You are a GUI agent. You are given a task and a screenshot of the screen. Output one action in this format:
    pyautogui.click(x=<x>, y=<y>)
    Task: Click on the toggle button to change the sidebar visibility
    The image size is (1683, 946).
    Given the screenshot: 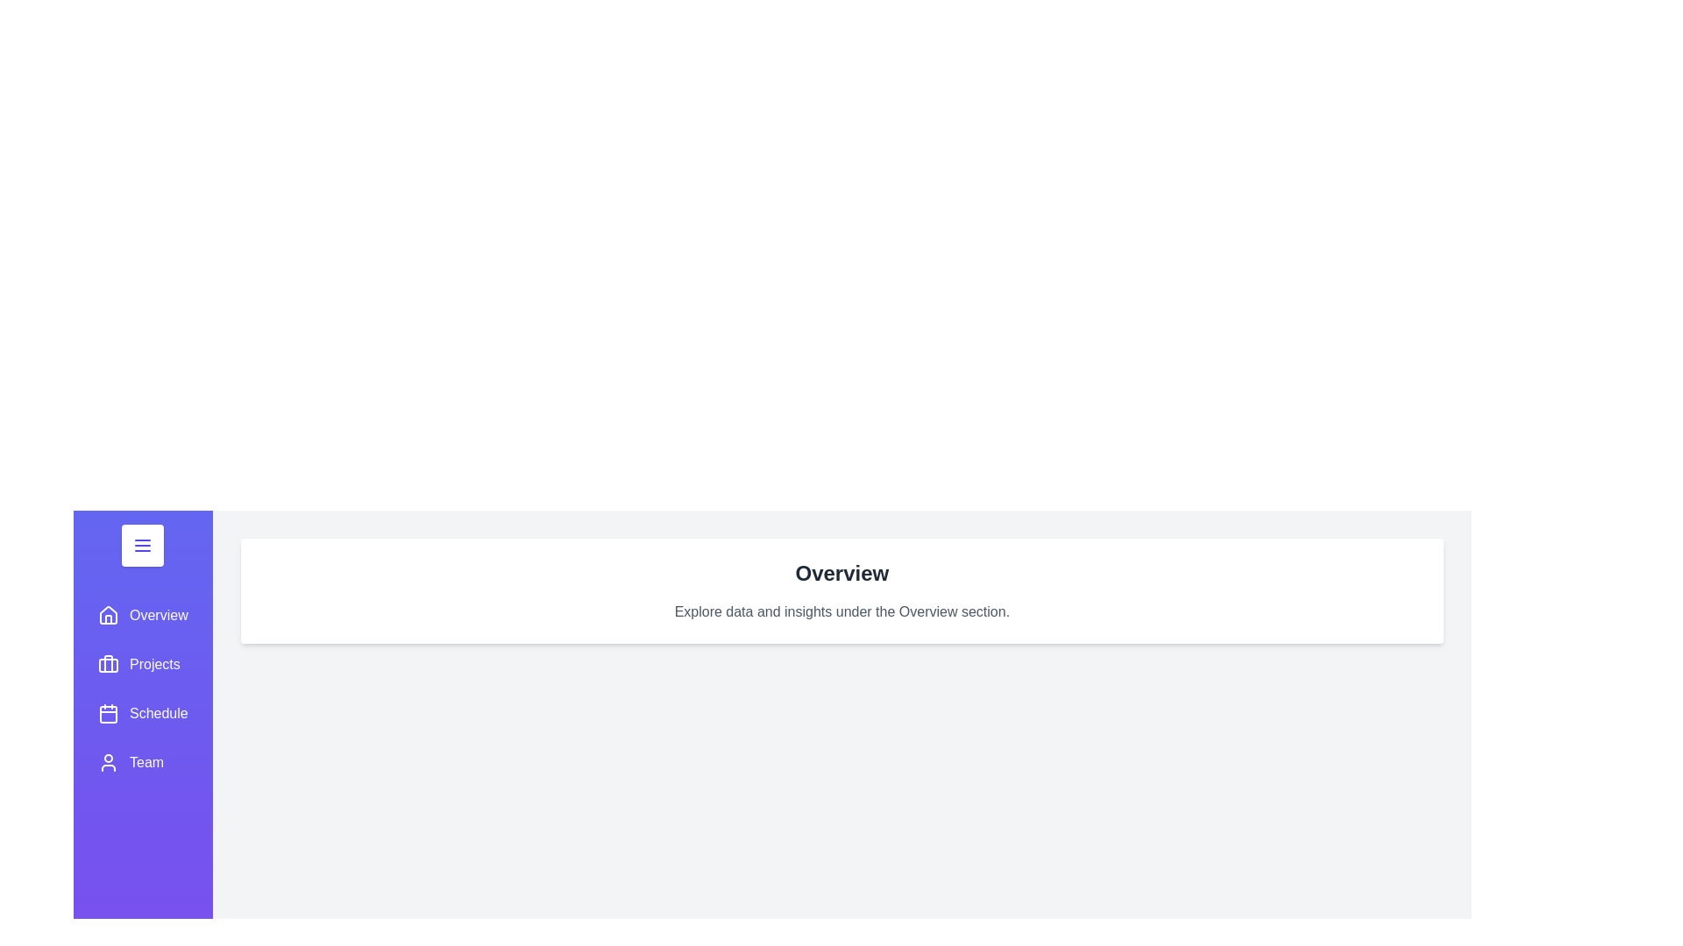 What is the action you would take?
    pyautogui.click(x=143, y=545)
    